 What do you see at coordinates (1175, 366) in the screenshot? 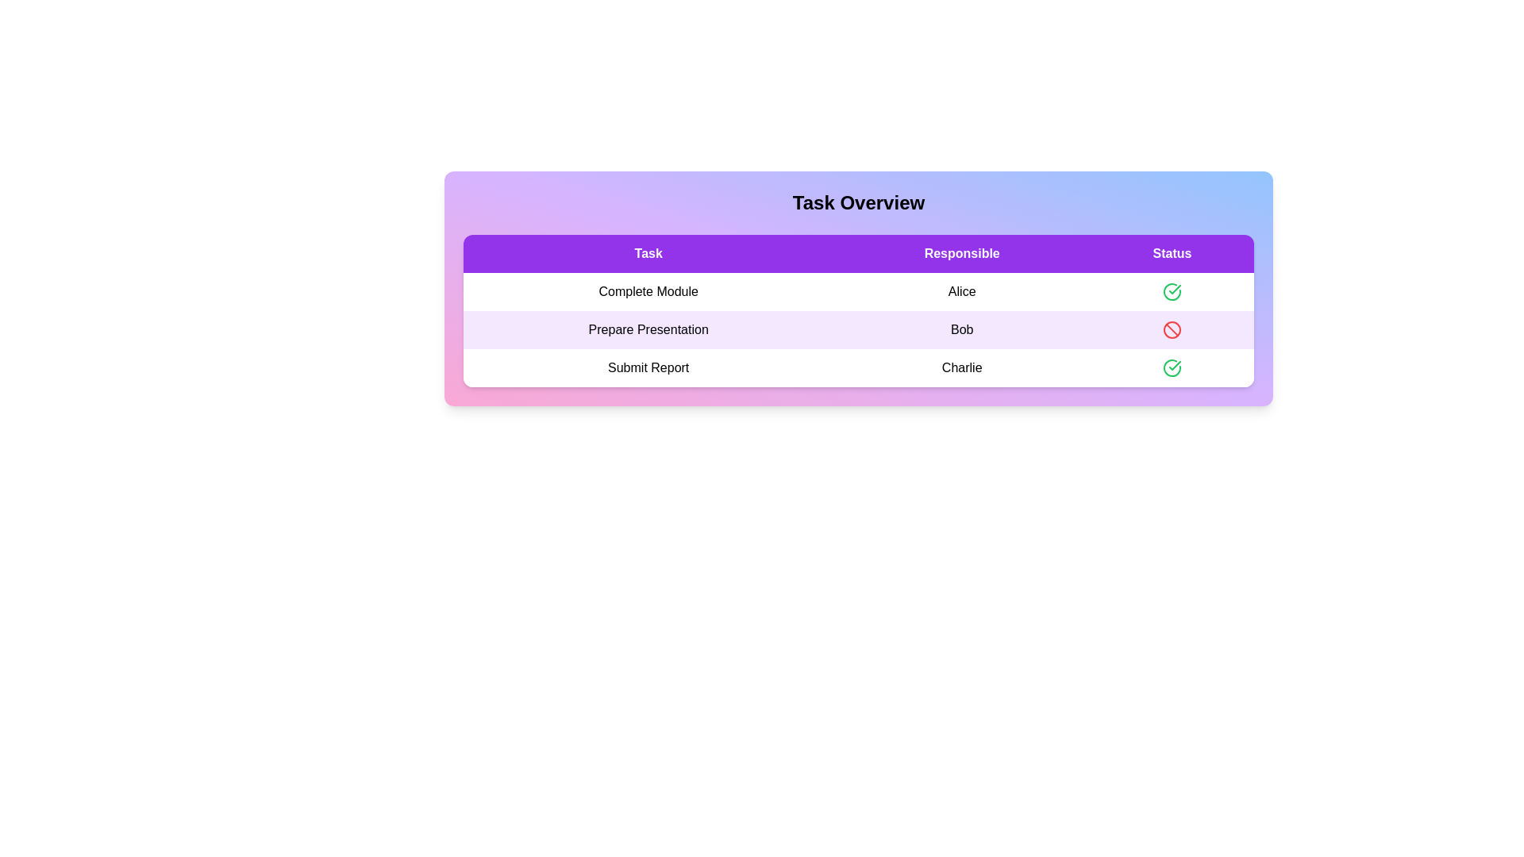
I see `the green checkmark icon located in the rightmost column under the 'Status' header, specifically in the row for 'Alice' under 'Responsible'` at bounding box center [1175, 366].